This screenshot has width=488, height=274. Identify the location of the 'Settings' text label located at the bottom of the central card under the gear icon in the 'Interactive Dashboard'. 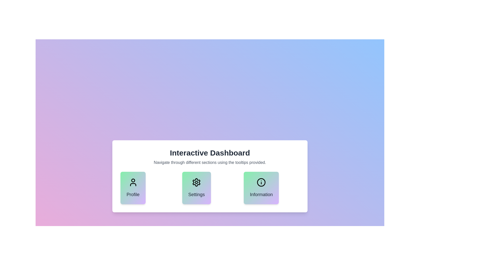
(196, 194).